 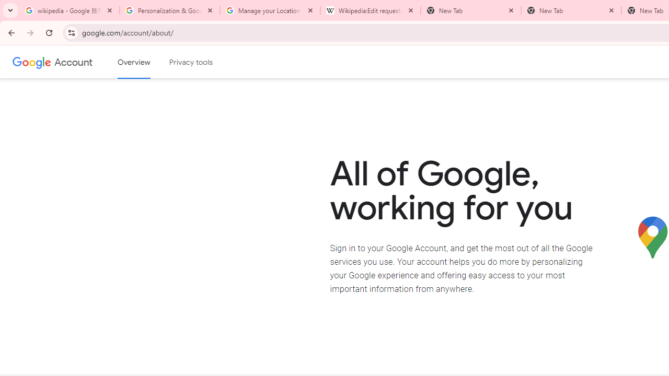 I want to click on 'Manage your Location History - Google Search Help', so click(x=270, y=10).